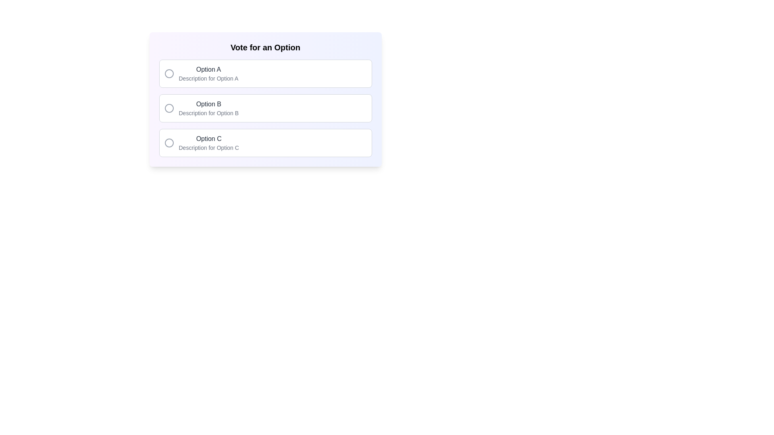 This screenshot has height=435, width=774. I want to click on the radio button icon for 'Option A', so click(169, 73).